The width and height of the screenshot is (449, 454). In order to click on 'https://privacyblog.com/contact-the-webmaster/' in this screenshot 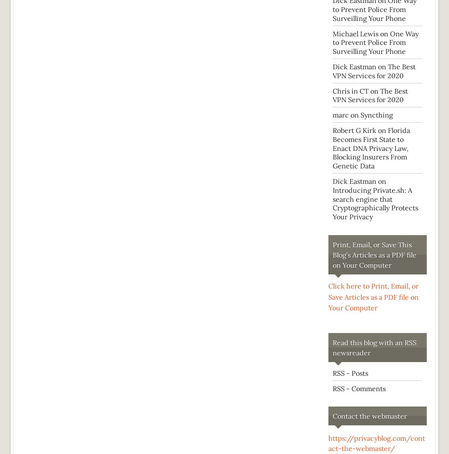, I will do `click(376, 443)`.